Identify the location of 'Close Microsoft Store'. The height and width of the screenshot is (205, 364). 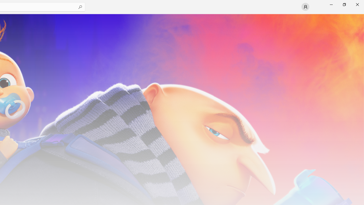
(357, 4).